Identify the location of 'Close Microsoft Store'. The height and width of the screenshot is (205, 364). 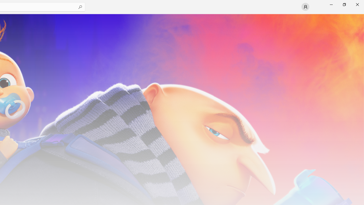
(357, 4).